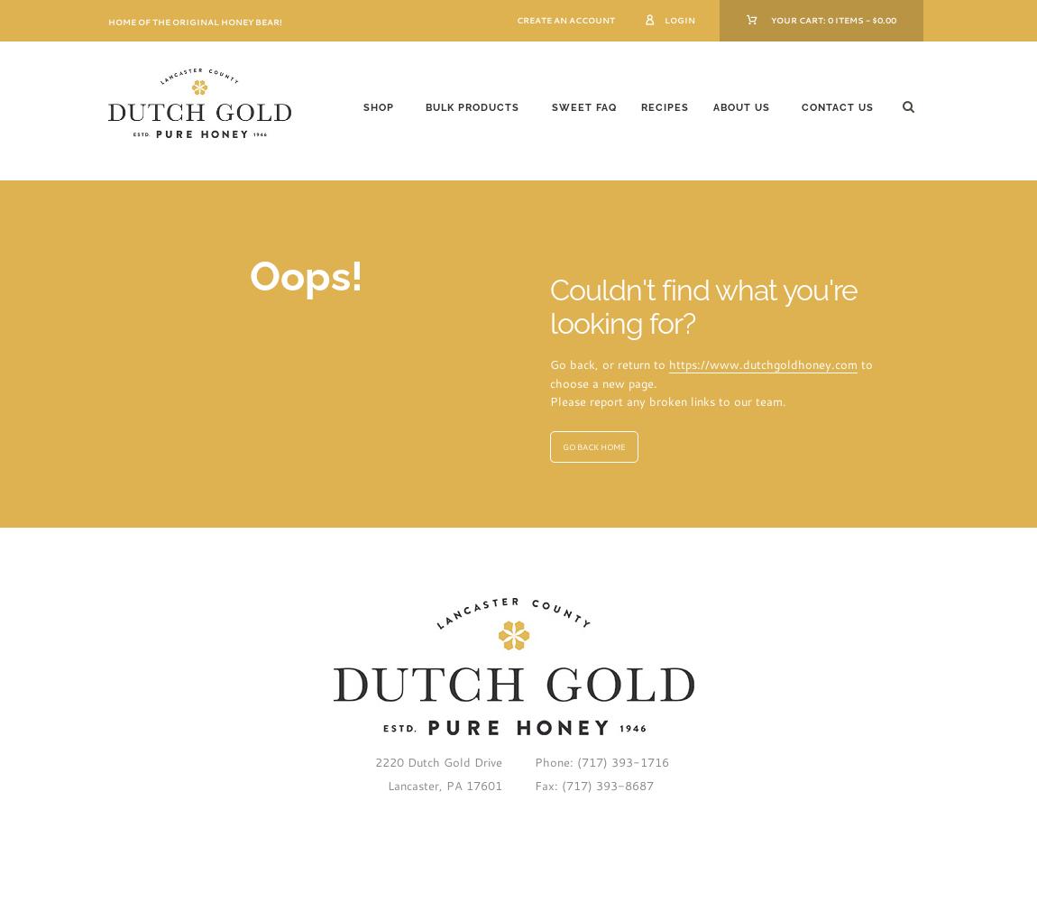 The image size is (1037, 902). Describe the element at coordinates (608, 364) in the screenshot. I see `'Go back, or return to'` at that location.